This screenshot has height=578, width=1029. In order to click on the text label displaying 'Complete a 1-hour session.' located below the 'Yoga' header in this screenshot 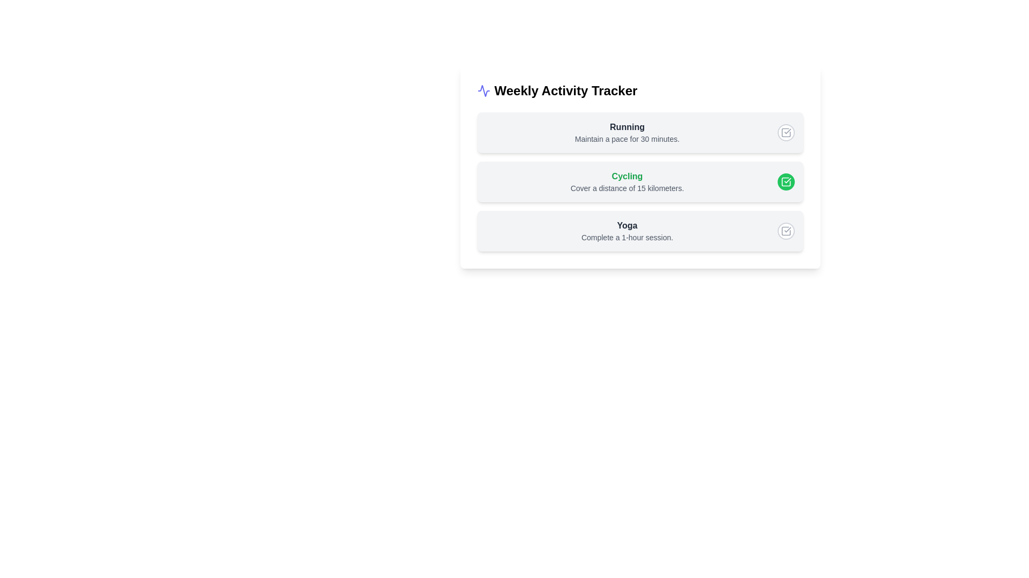, I will do `click(627, 237)`.